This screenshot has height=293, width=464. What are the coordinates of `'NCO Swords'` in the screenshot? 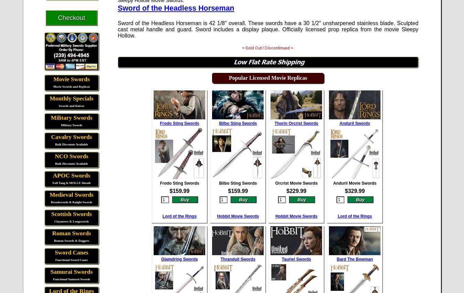 It's located at (71, 156).